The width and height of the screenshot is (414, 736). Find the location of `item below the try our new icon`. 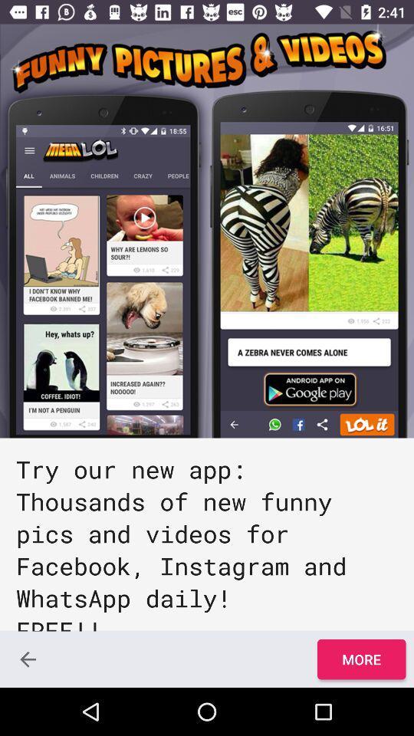

item below the try our new icon is located at coordinates (361, 659).